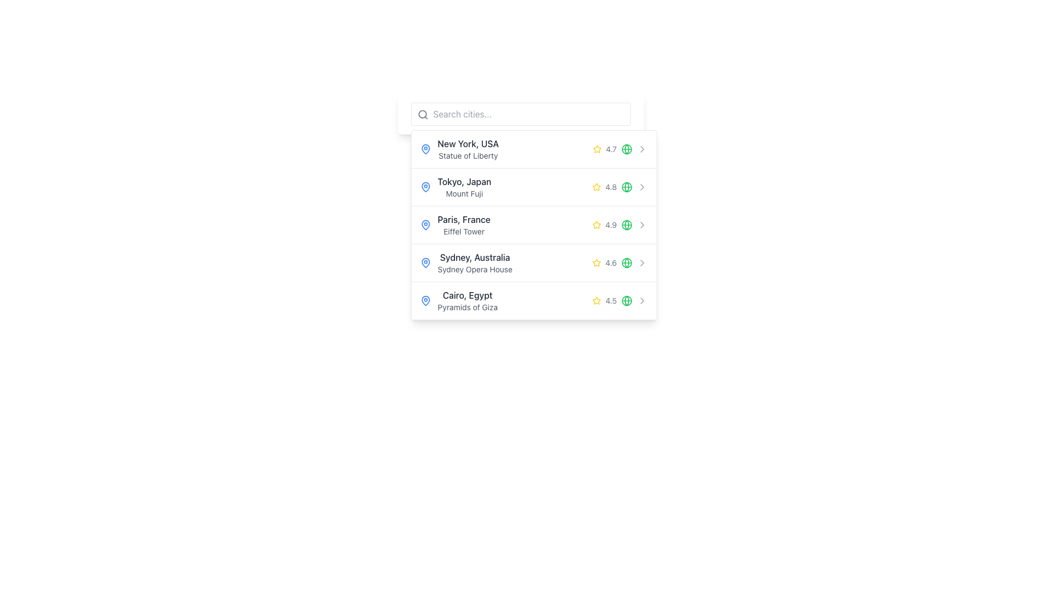  I want to click on the icon located in the row indicating 'New York, USA', following the numerical rating '4.7', so click(626, 149).